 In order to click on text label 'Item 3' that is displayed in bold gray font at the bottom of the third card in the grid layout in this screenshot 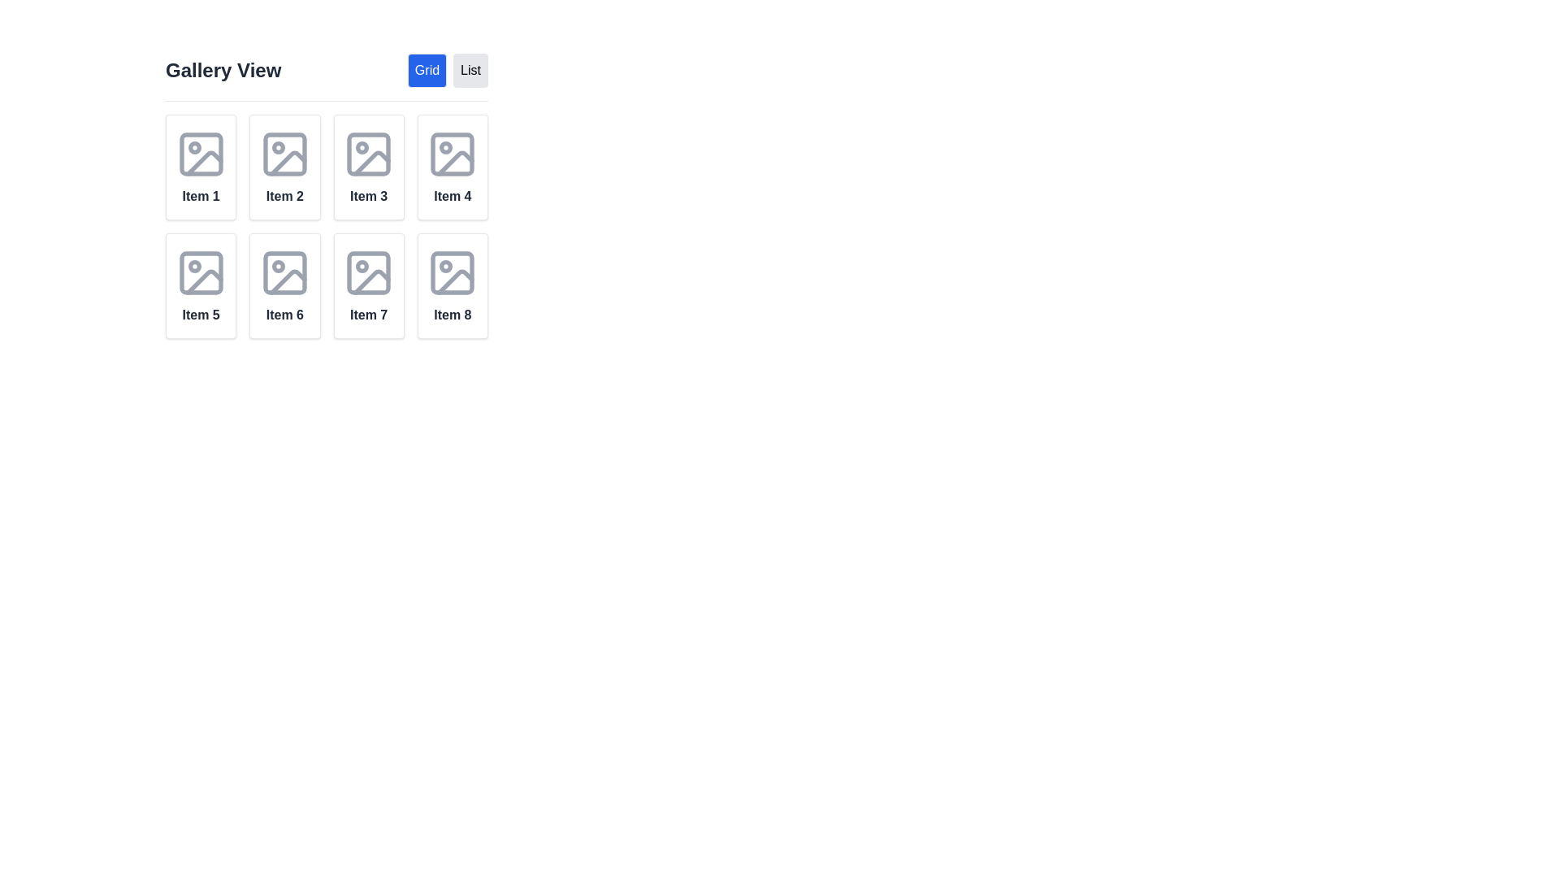, I will do `click(368, 196)`.